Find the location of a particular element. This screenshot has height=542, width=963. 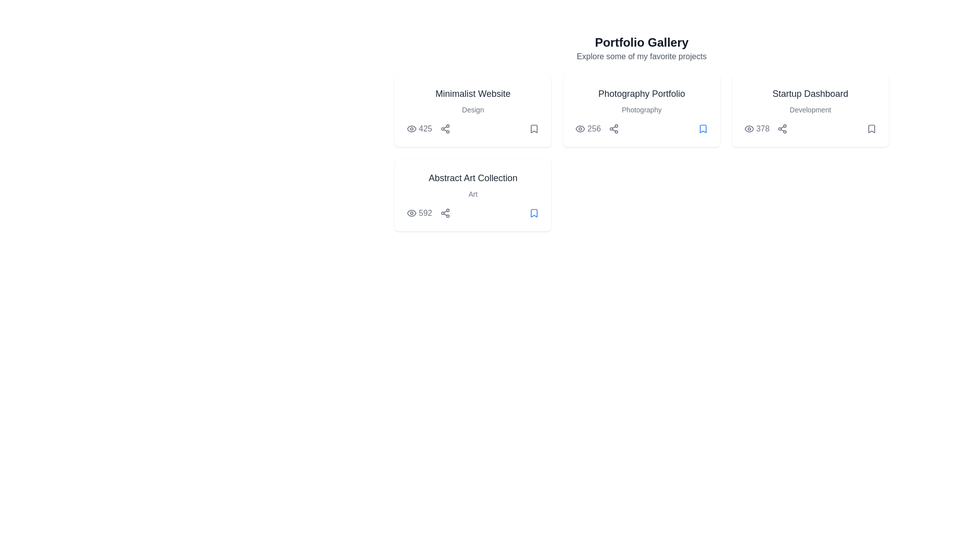

the small circular share icon located within the 'Minimalist Website' card in the 'Design' section of the portfolio gallery to initiate the sharing functionality is located at coordinates (444, 128).